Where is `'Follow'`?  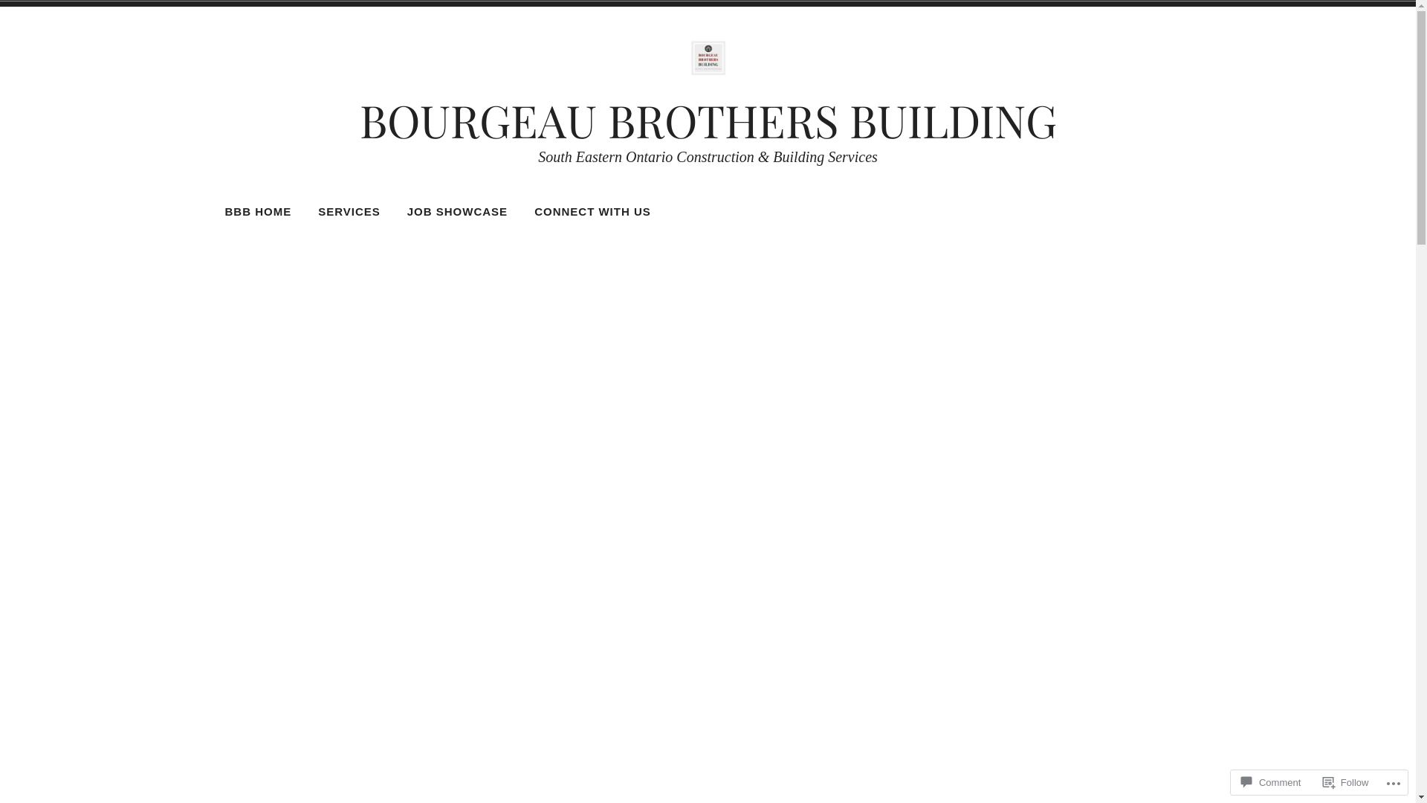 'Follow' is located at coordinates (1345, 781).